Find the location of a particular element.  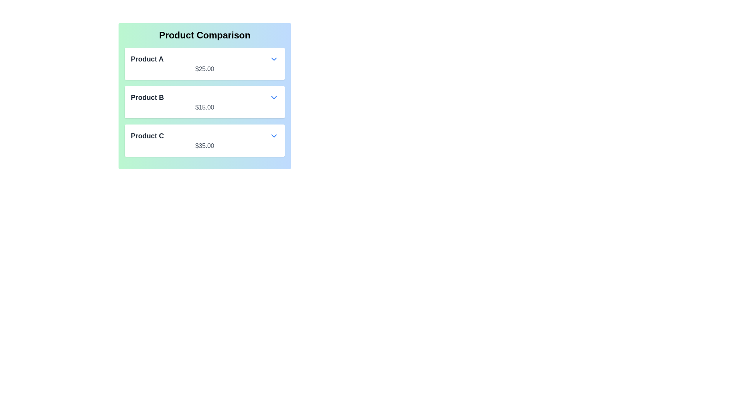

the price label indicating '$35.00' located below 'Product C' in the product comparison layout is located at coordinates (205, 146).